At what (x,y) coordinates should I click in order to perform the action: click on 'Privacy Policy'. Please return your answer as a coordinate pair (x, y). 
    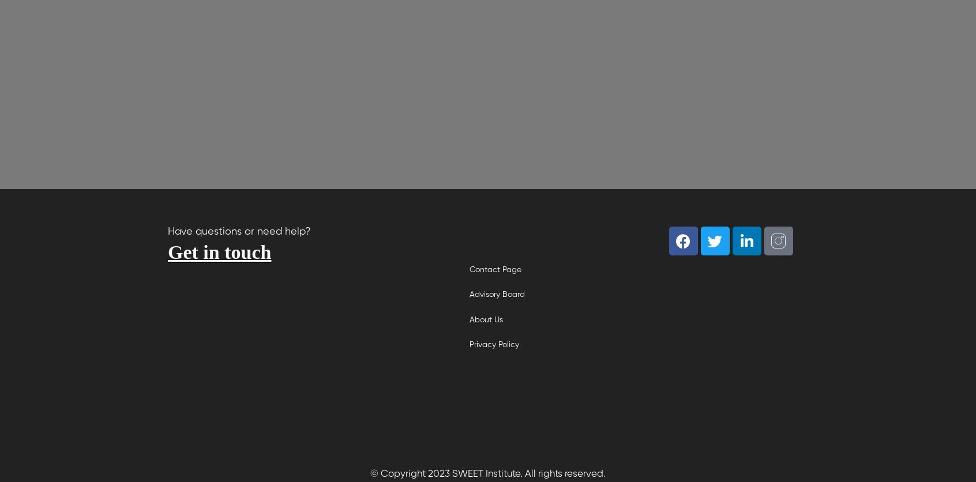
    Looking at the image, I should click on (470, 344).